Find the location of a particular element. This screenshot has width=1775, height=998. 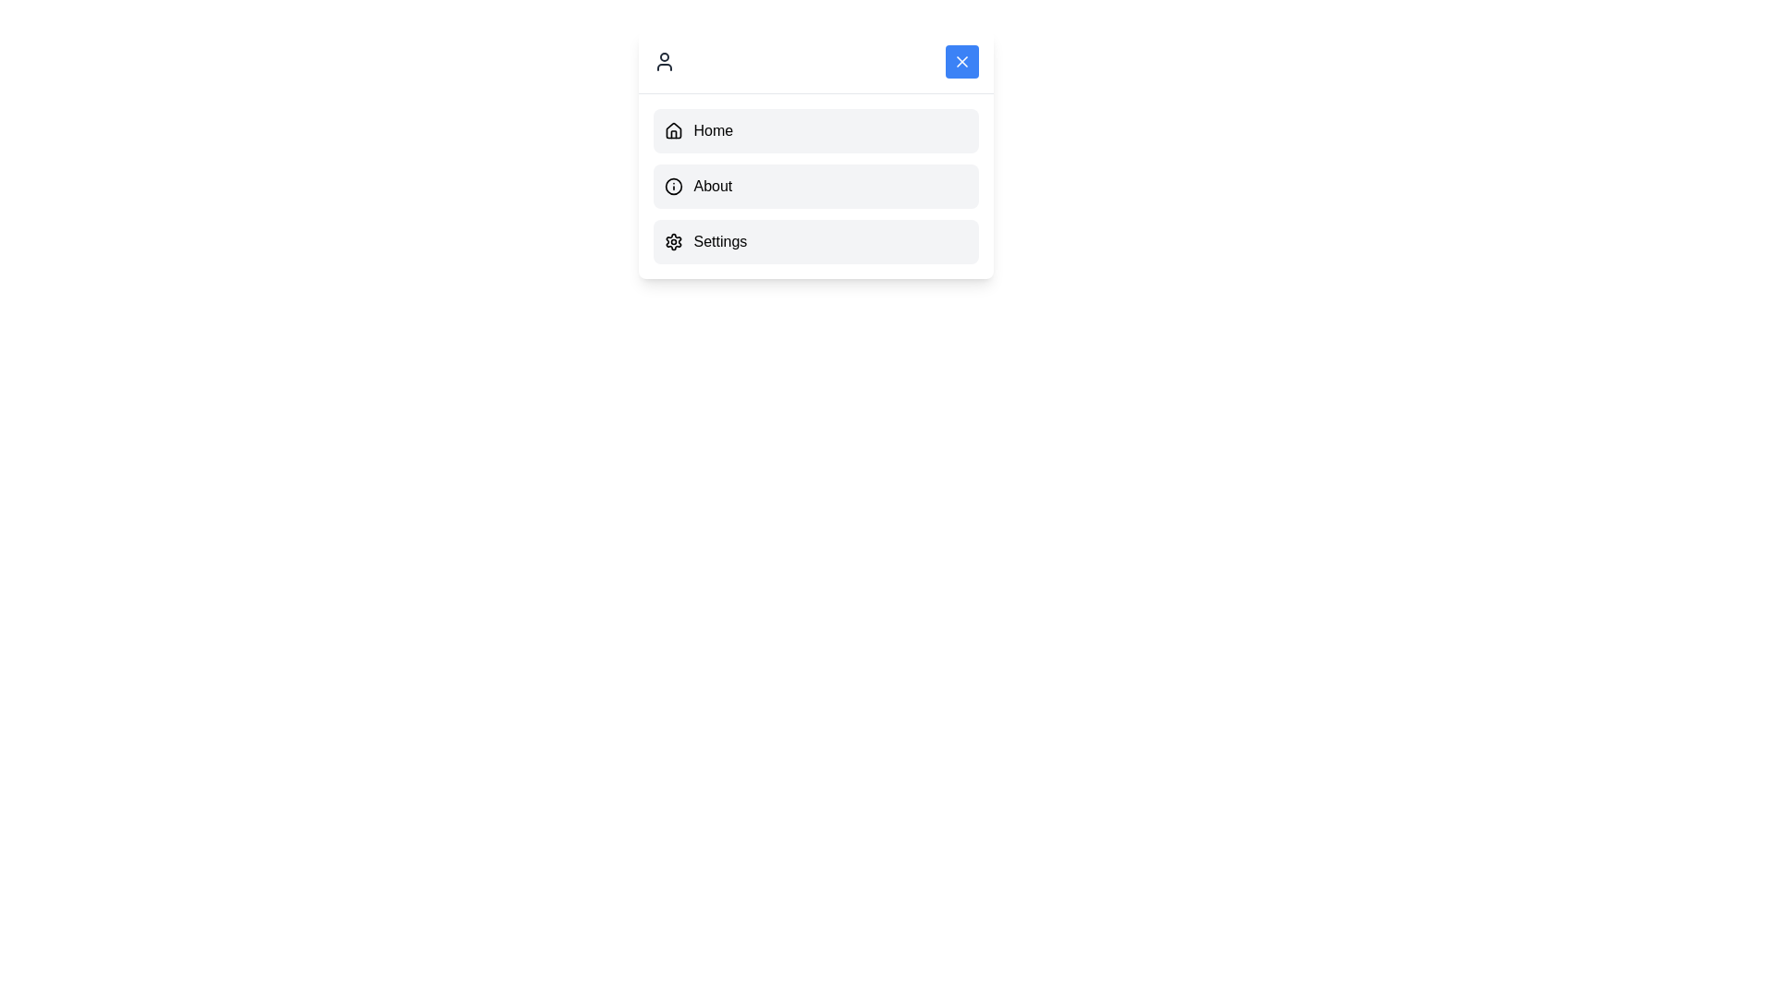

the navigational button at the top of the menu list that redirects to the homepage is located at coordinates (814, 130).